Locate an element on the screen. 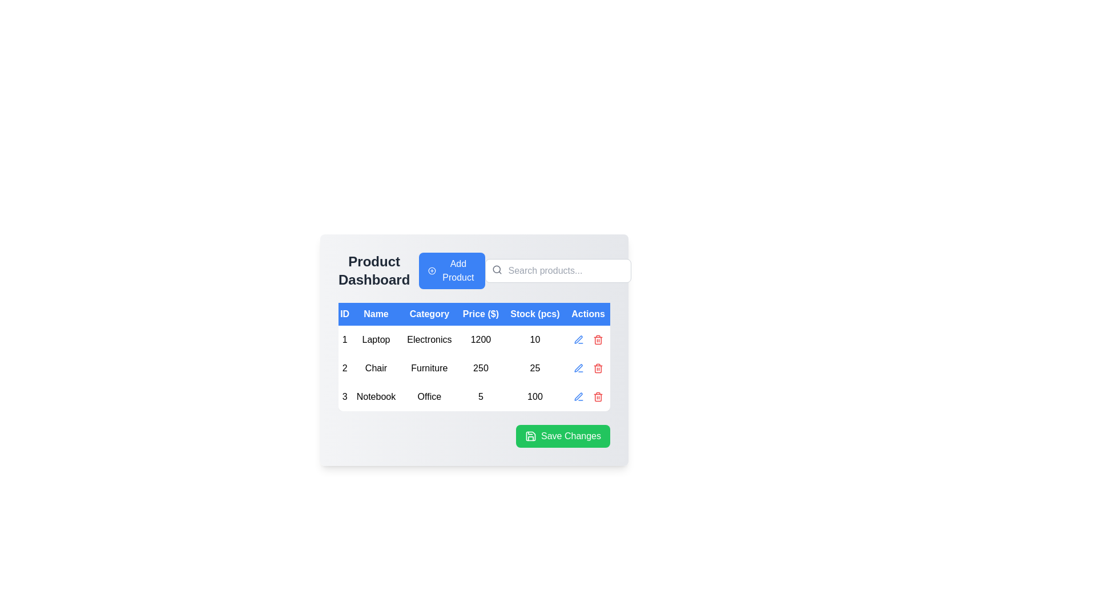 The height and width of the screenshot is (616, 1096). the Table Header Label displaying 'Actions', which is the last element in the header row of the table, styled with white text on a blue background is located at coordinates (588, 314).